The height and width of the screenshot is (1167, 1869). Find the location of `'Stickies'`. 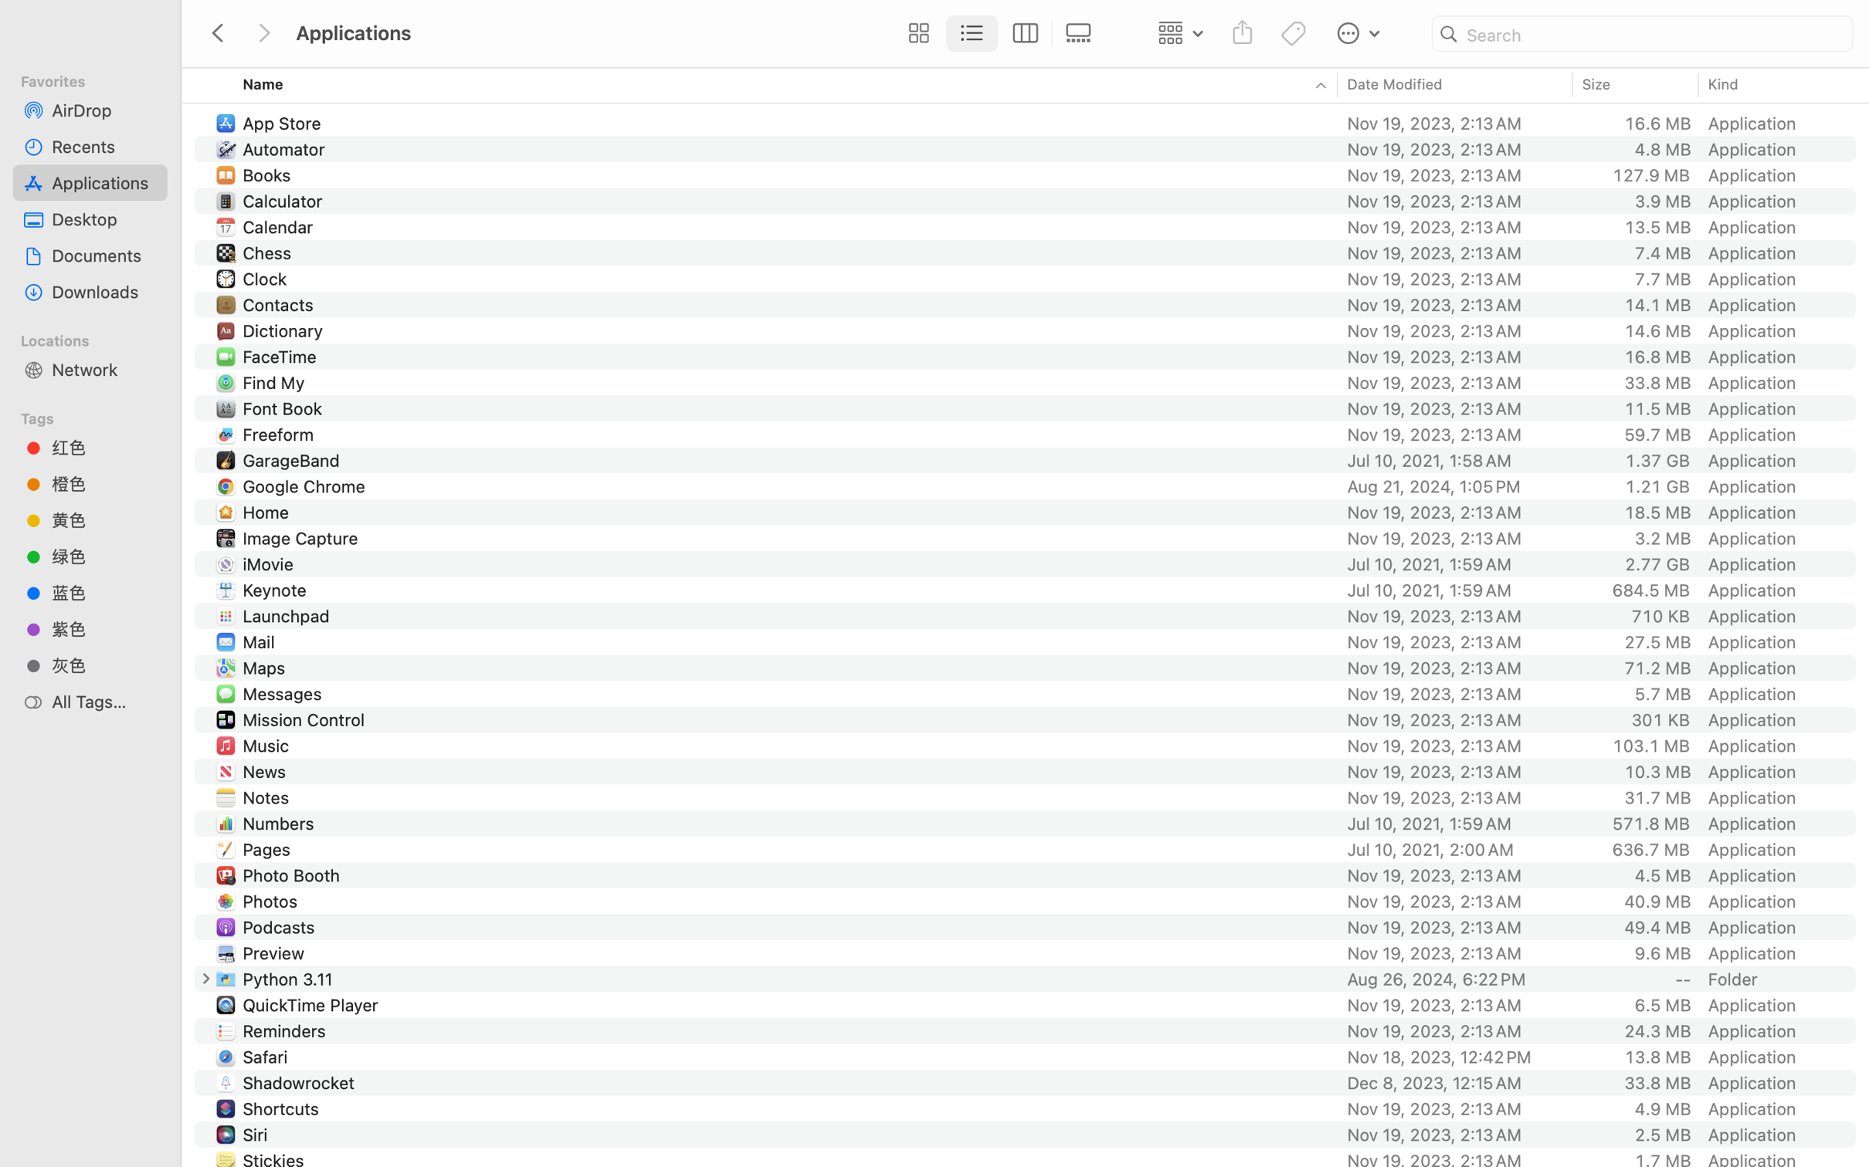

'Stickies' is located at coordinates (275, 1159).